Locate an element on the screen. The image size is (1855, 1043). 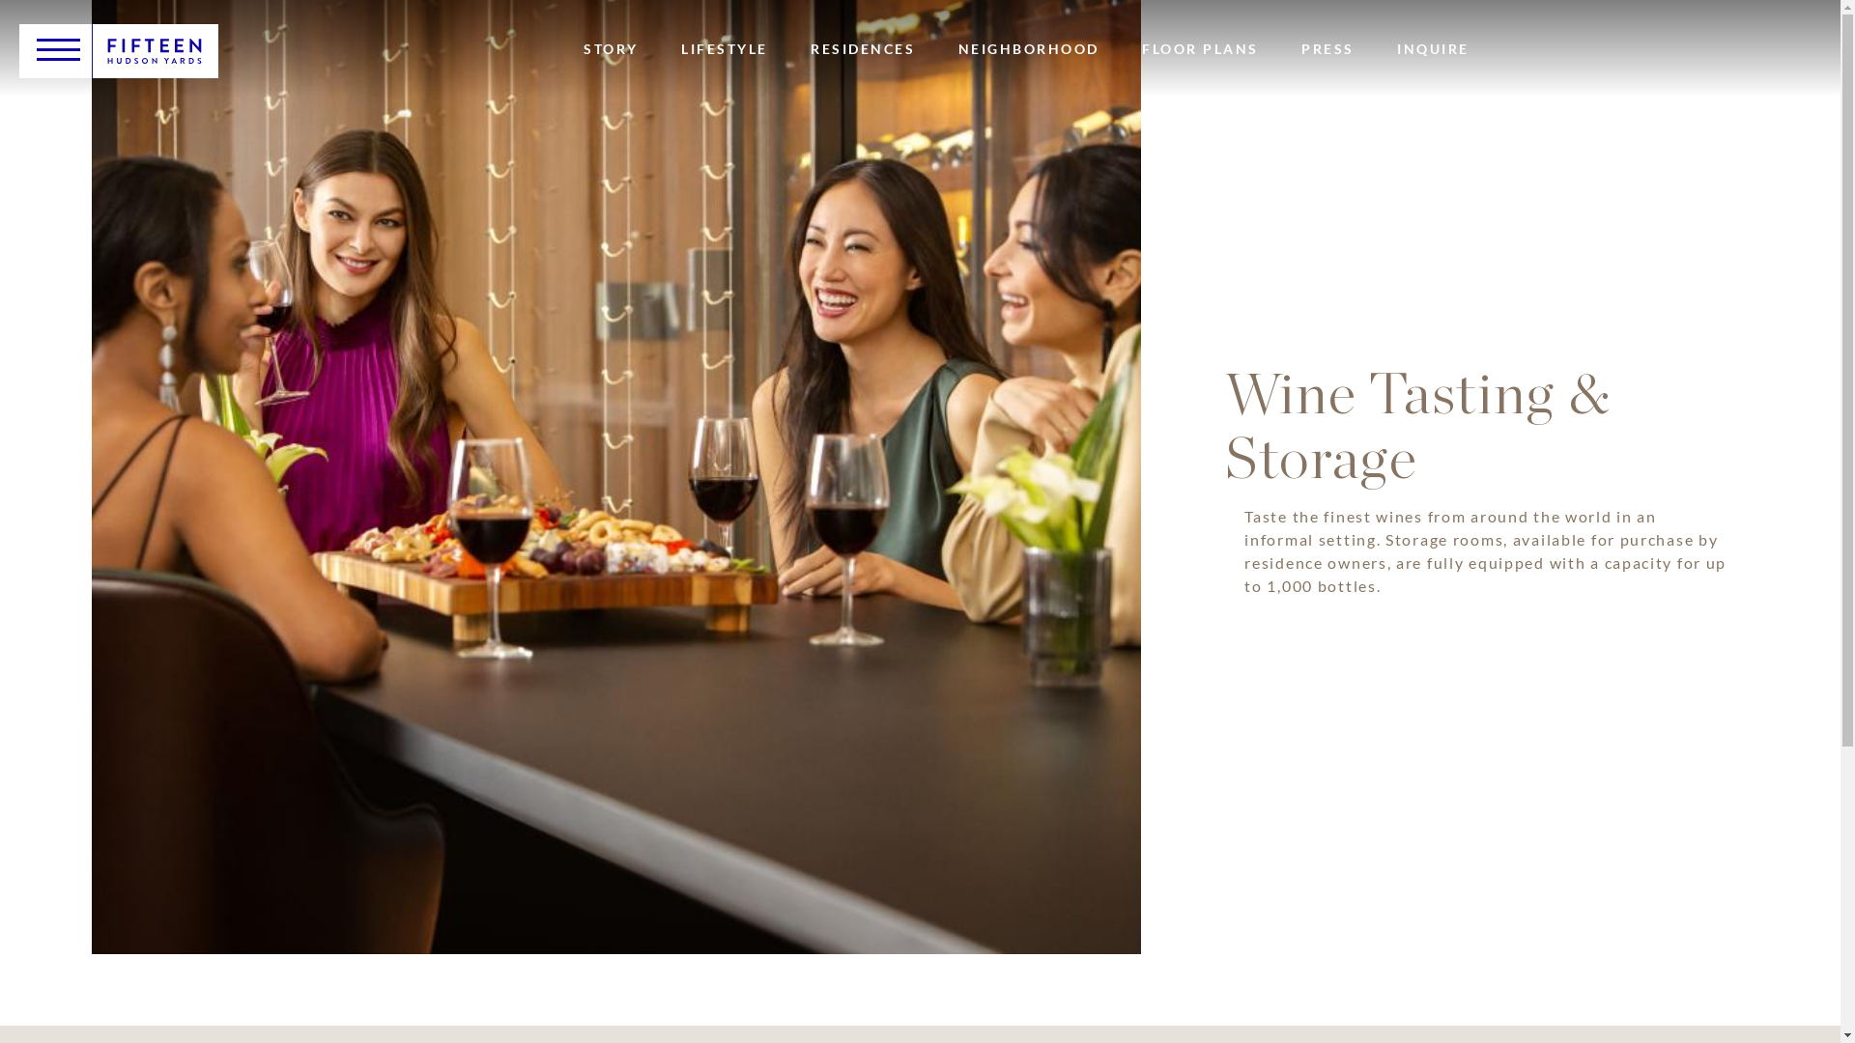
'LIFESTYLE' is located at coordinates (681, 47).